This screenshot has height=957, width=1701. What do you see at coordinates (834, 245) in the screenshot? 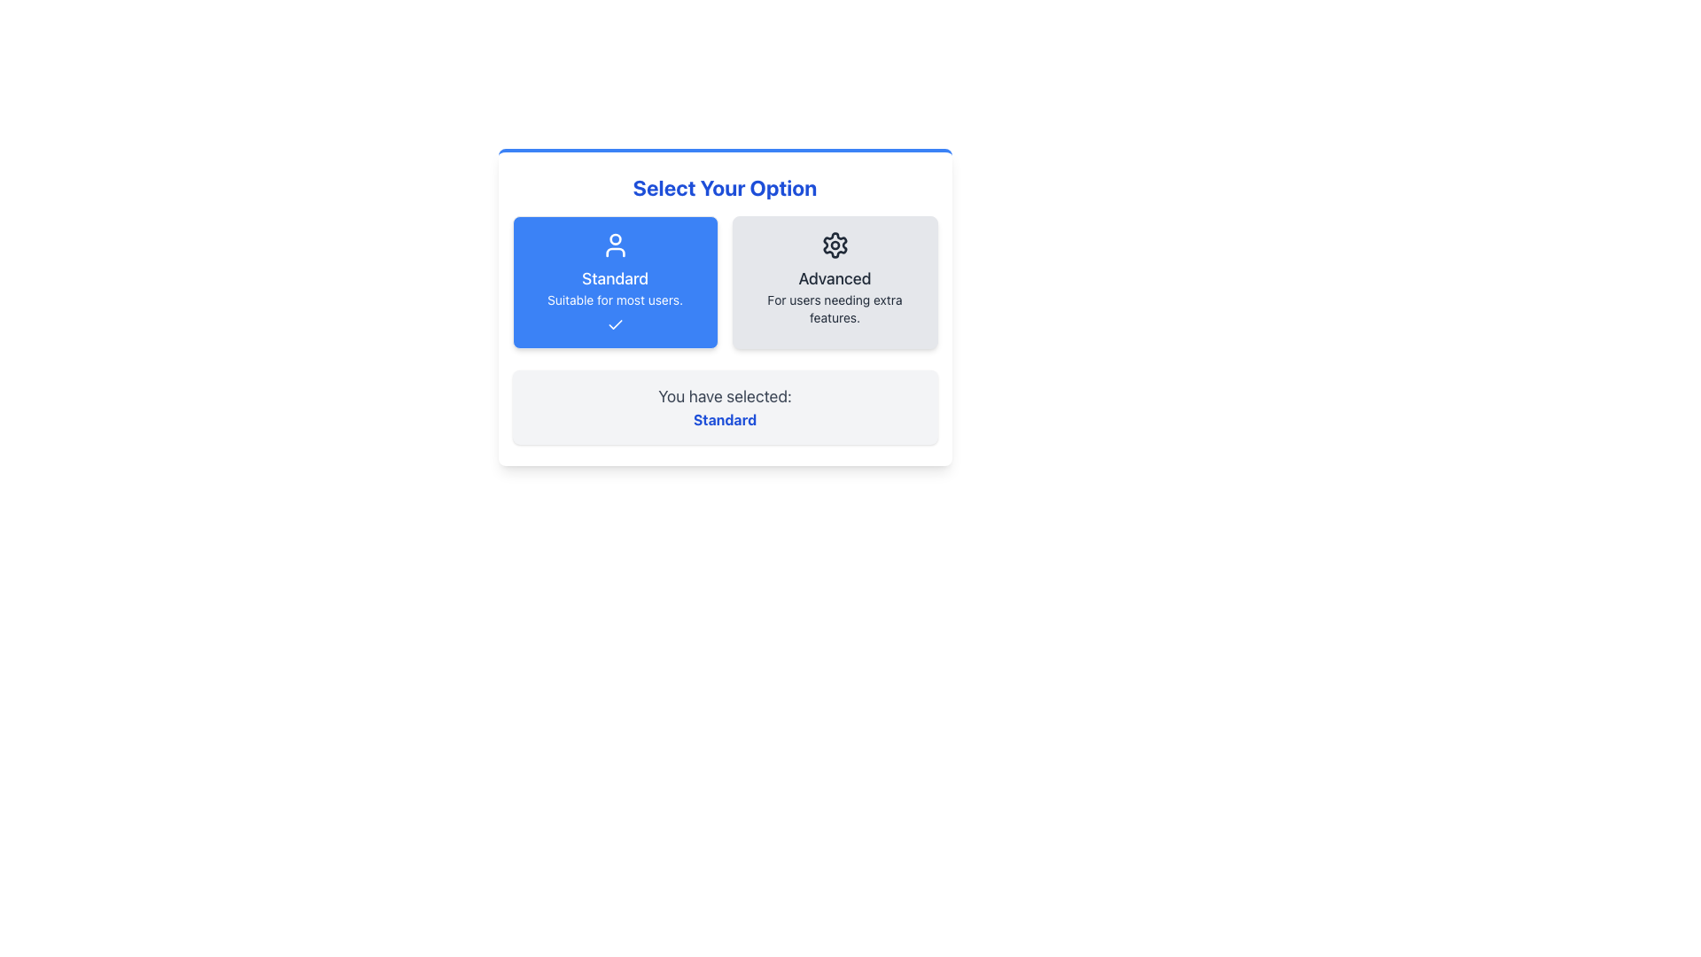
I see `the SVG icon representing advanced or settings-related features, located above the text 'Advanced' and 'For users needing extra features' within the Advanced option card` at bounding box center [834, 245].